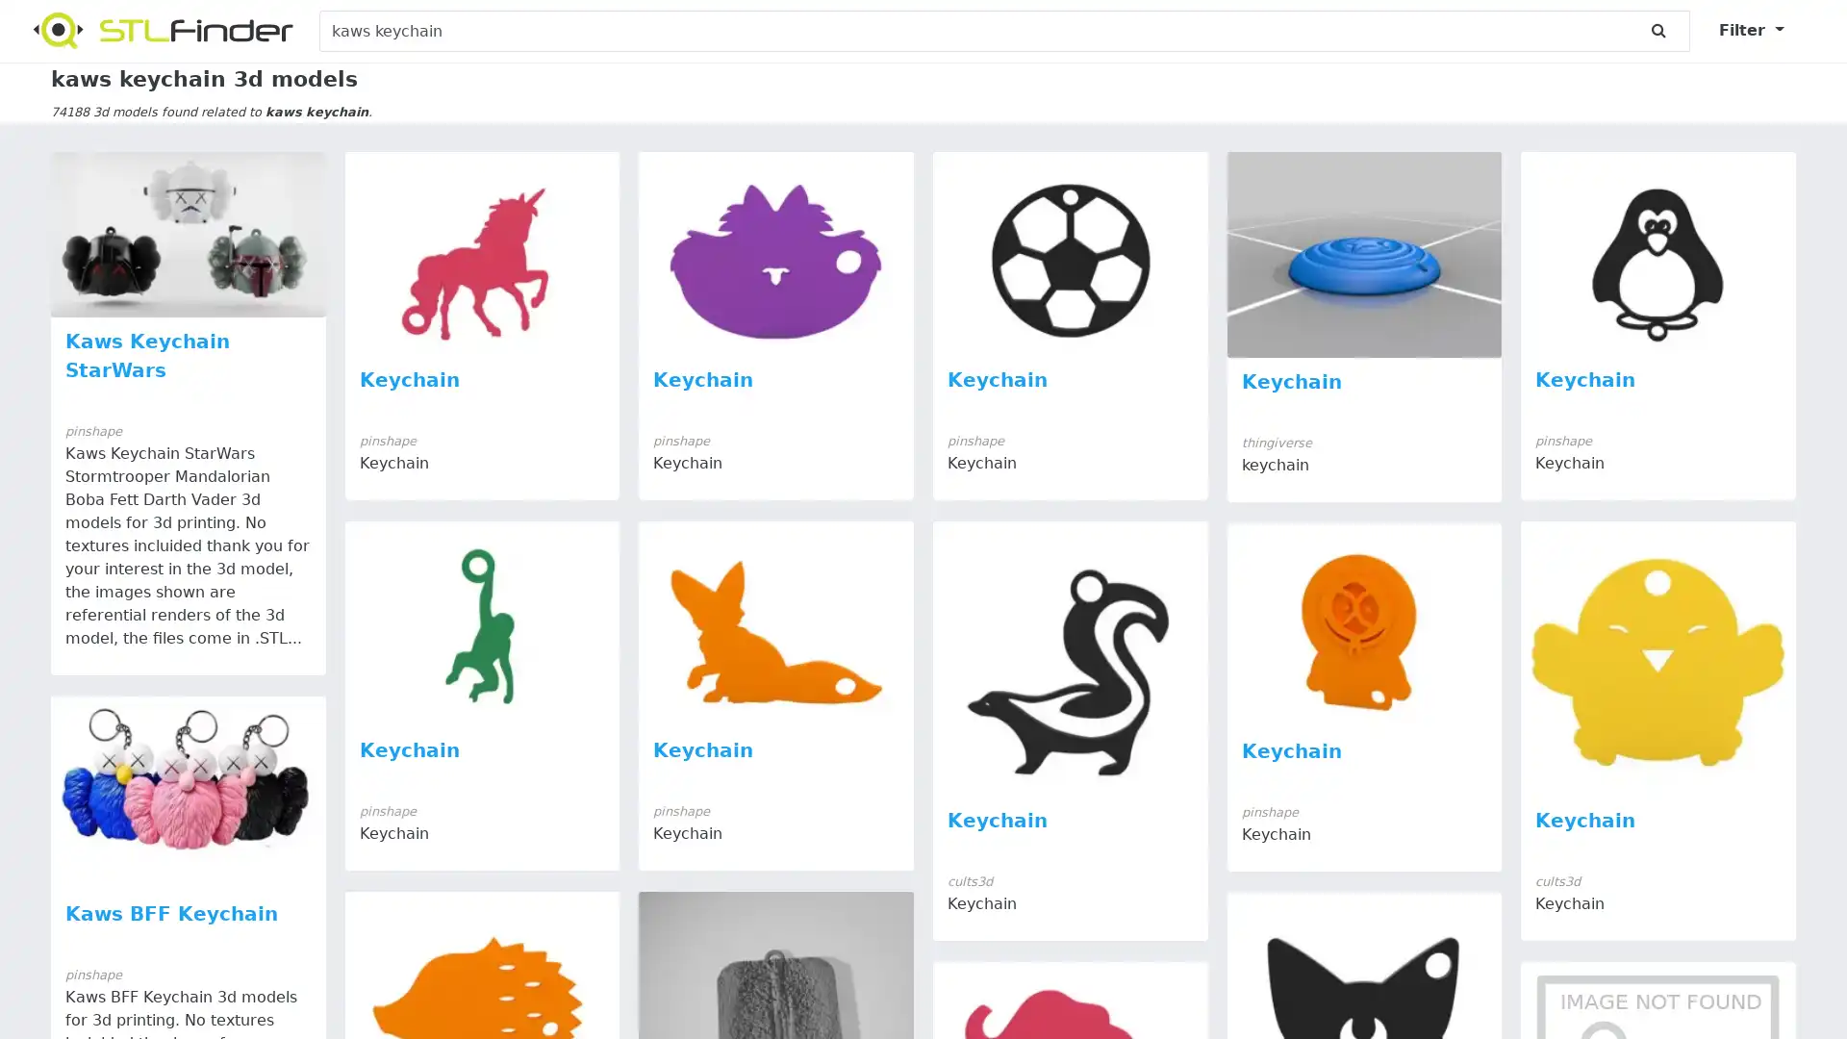 The width and height of the screenshot is (1847, 1039). Describe the element at coordinates (1751, 29) in the screenshot. I see `Filter` at that location.